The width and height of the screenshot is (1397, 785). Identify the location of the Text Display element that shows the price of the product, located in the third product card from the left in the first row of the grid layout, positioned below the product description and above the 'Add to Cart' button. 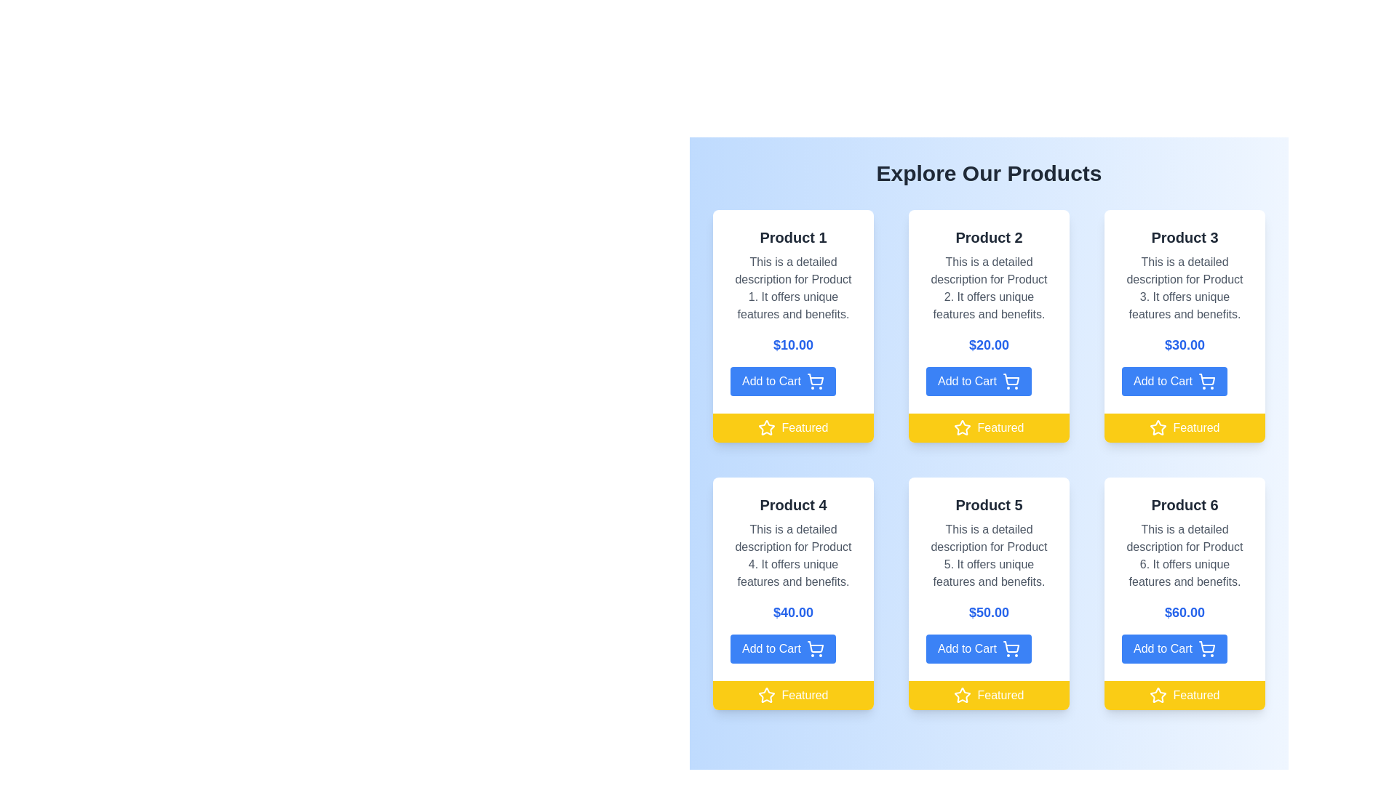
(1185, 345).